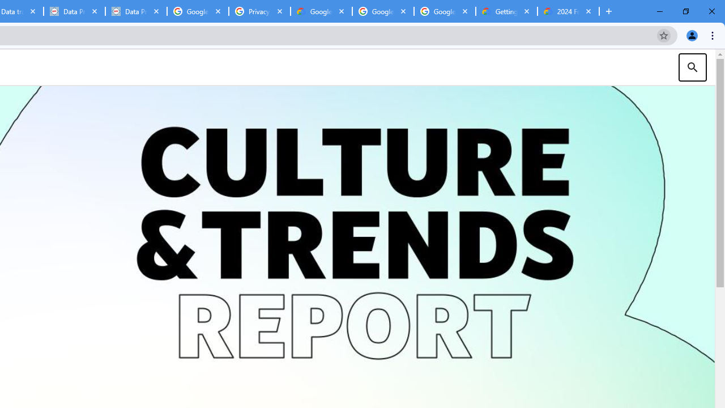  Describe the element at coordinates (321, 11) in the screenshot. I see `'Google Cloud Terms Directory | Google Cloud'` at that location.